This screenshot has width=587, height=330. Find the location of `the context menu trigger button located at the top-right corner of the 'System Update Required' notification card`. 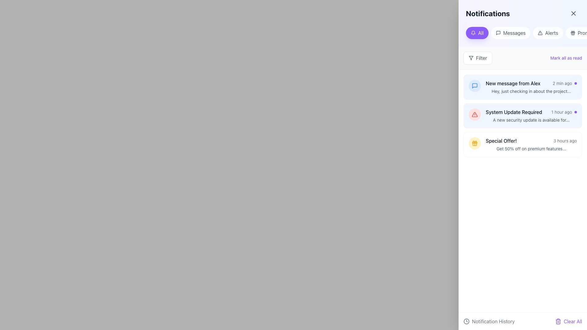

the context menu trigger button located at the top-right corner of the 'System Update Required' notification card is located at coordinates (572, 116).